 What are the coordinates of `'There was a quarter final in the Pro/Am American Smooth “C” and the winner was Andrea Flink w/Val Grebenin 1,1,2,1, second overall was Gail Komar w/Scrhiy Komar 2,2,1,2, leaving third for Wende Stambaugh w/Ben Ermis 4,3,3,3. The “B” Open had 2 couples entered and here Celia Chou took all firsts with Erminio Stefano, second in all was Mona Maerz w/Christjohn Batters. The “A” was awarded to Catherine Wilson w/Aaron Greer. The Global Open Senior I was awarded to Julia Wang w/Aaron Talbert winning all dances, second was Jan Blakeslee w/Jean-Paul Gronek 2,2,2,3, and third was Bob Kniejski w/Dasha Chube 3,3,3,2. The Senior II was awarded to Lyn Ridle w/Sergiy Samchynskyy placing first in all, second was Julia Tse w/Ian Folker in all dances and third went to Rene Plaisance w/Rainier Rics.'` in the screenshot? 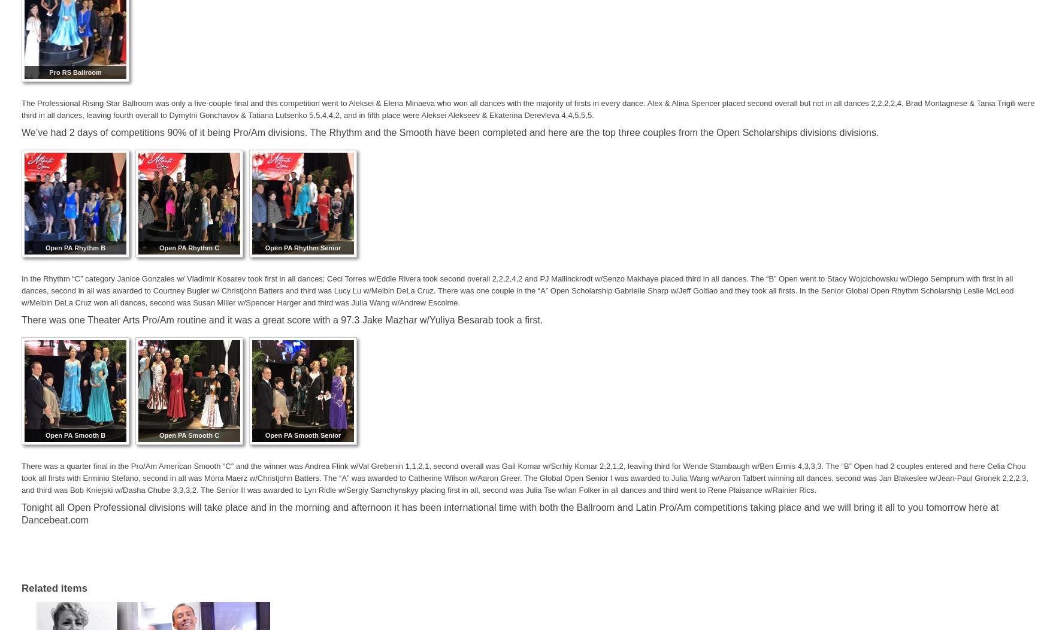 It's located at (524, 478).